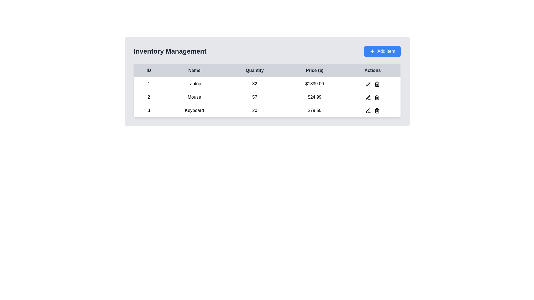 This screenshot has height=300, width=534. What do you see at coordinates (368, 84) in the screenshot?
I see `the 'edit' icon (pen design) located in the first row of the 'Actions' column` at bounding box center [368, 84].